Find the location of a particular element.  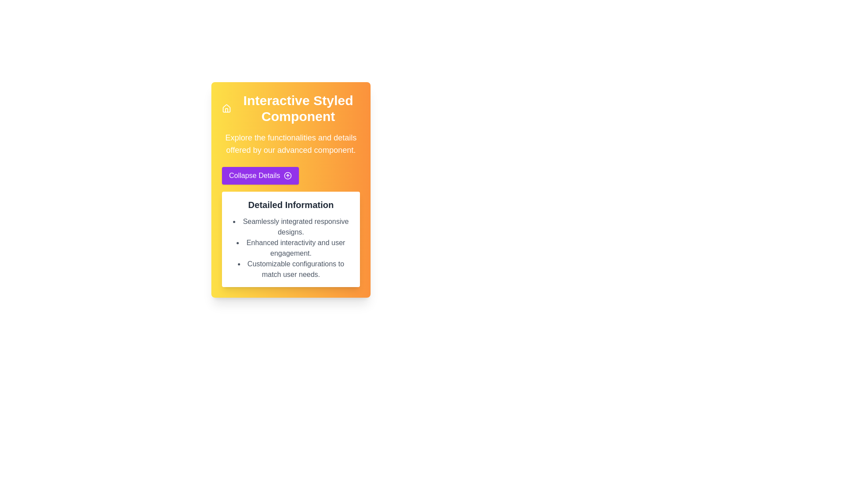

the collapse icon located at the right end of the 'Collapse Details' button, which is positioned below the header text and above the detailed information section is located at coordinates (287, 175).